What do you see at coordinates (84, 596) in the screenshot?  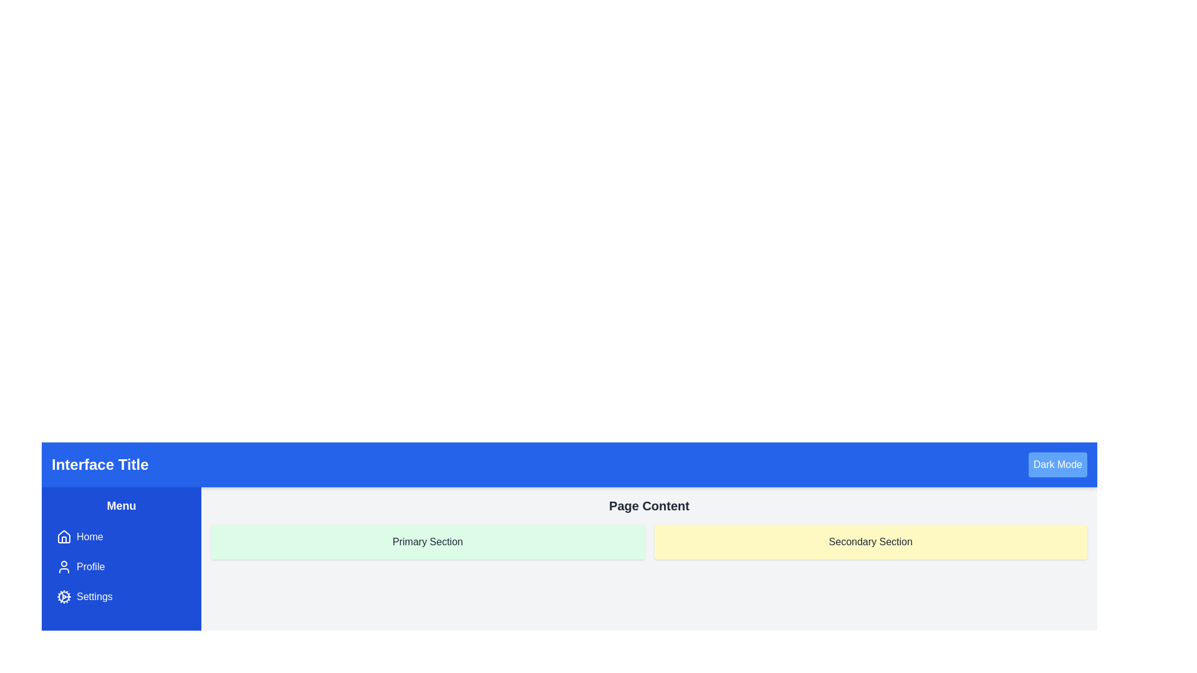 I see `the 'Settings' button located in the vertical left-side menu panel, which is styled as a horizontal menu item with a gear-like icon and white text on a blue background` at bounding box center [84, 596].